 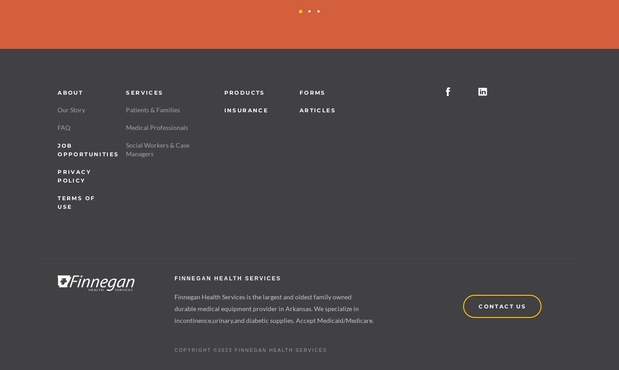 What do you see at coordinates (246, 109) in the screenshot?
I see `'Insurance'` at bounding box center [246, 109].